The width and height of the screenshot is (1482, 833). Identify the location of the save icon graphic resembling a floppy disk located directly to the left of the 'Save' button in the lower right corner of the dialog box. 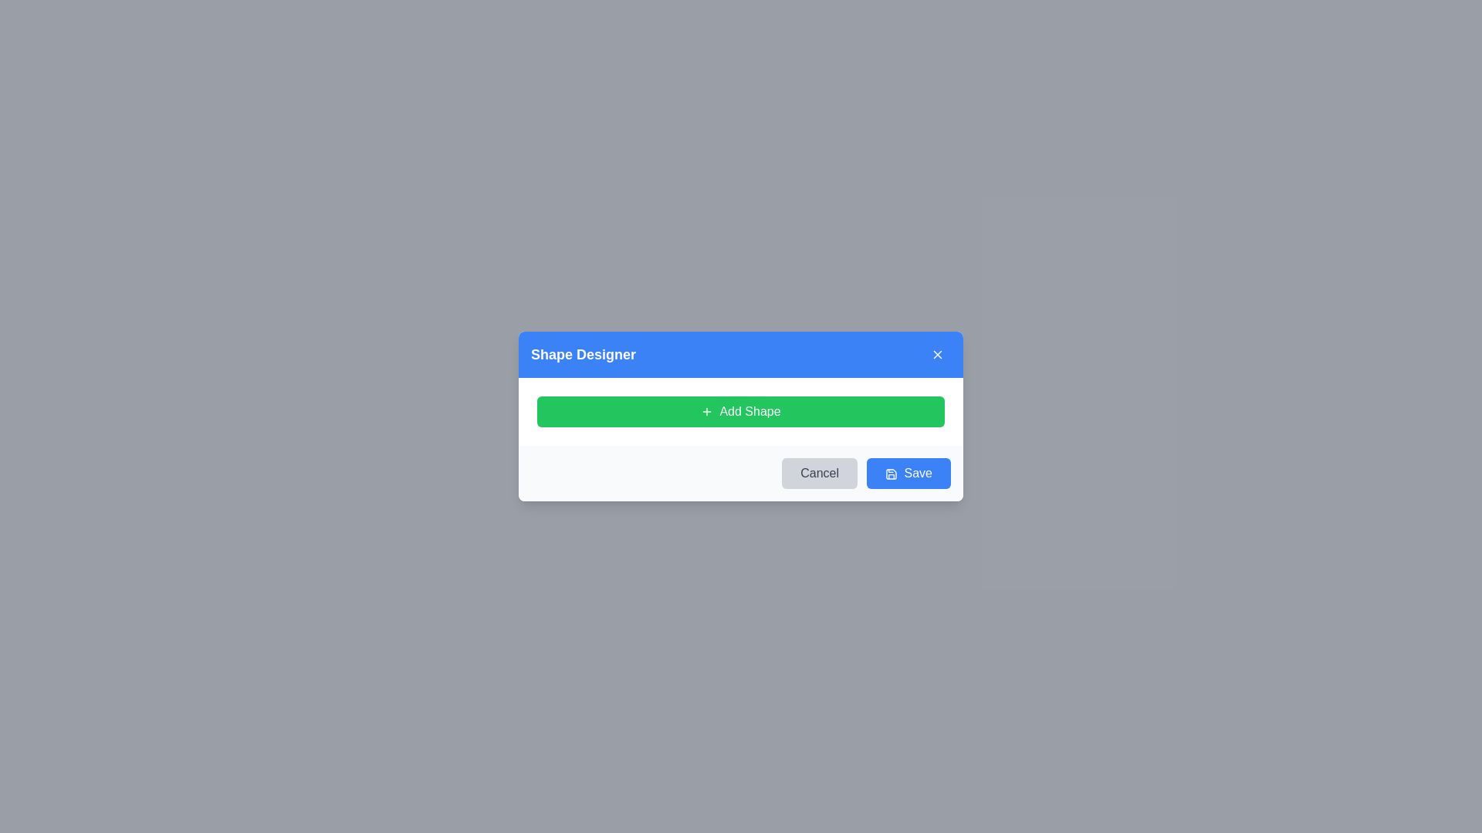
(892, 473).